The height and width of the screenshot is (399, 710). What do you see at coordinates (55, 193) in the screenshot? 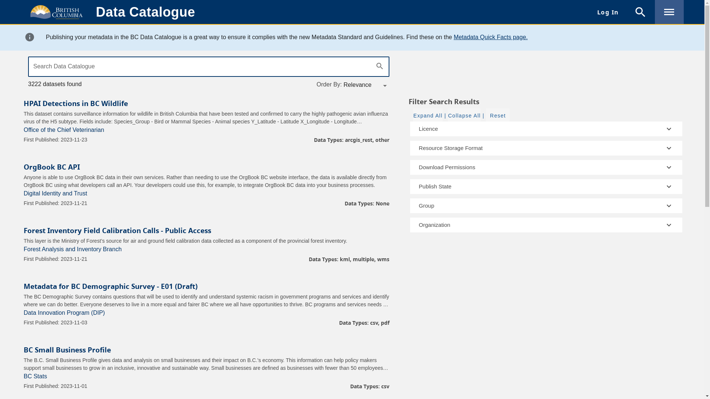
I see `'Digital Identity and Trust'` at bounding box center [55, 193].